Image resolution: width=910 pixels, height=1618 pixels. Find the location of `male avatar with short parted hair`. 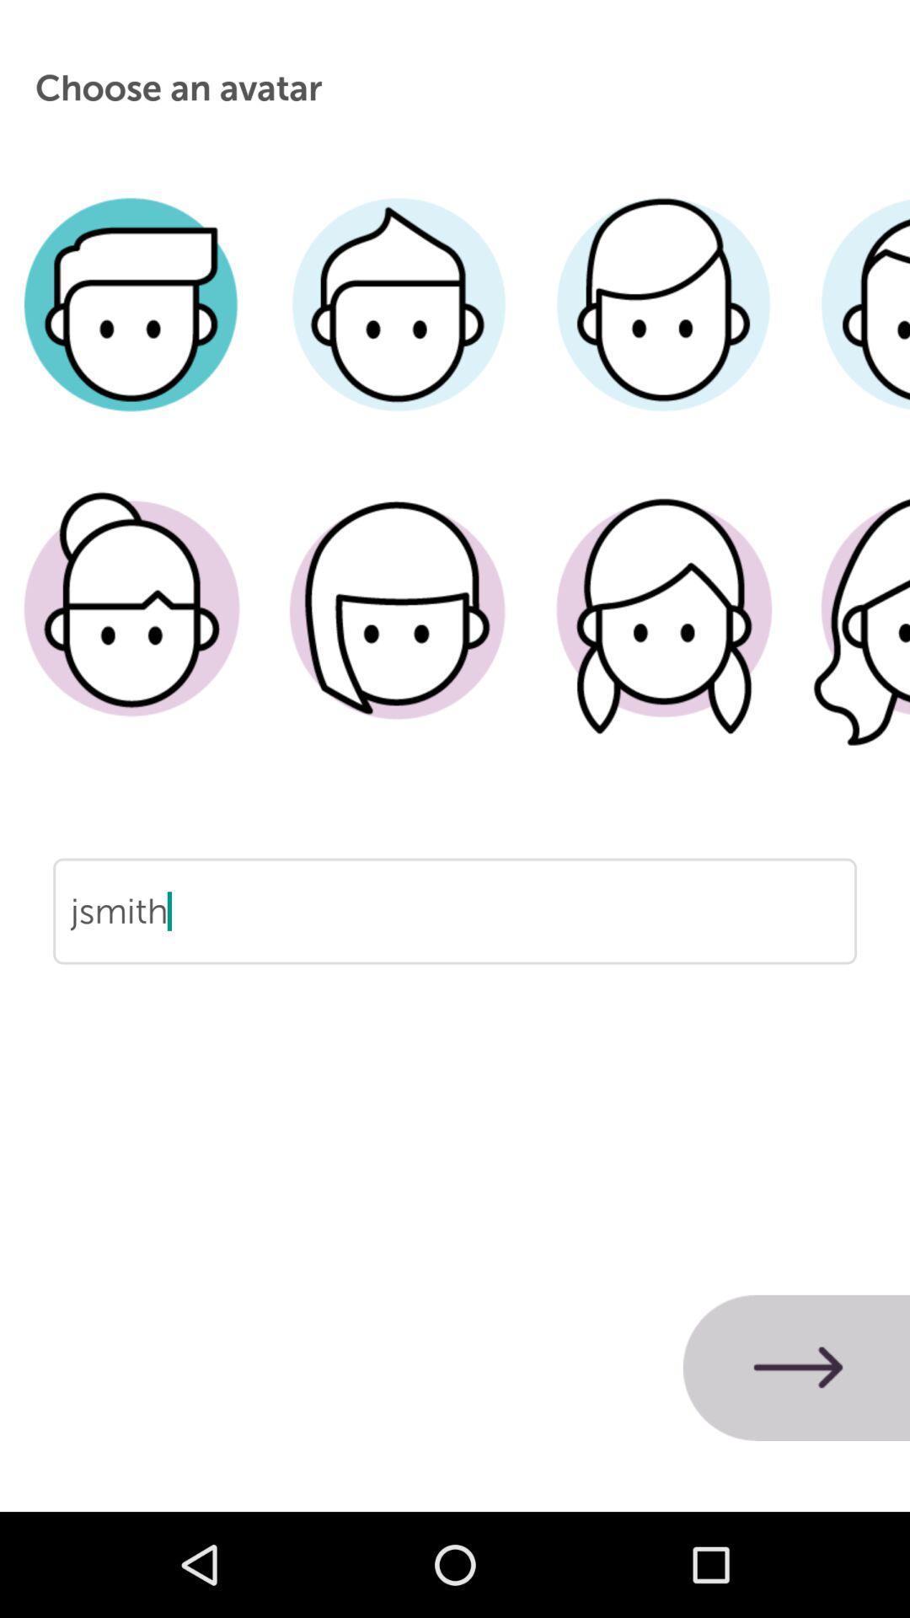

male avatar with short parted hair is located at coordinates (131, 329).